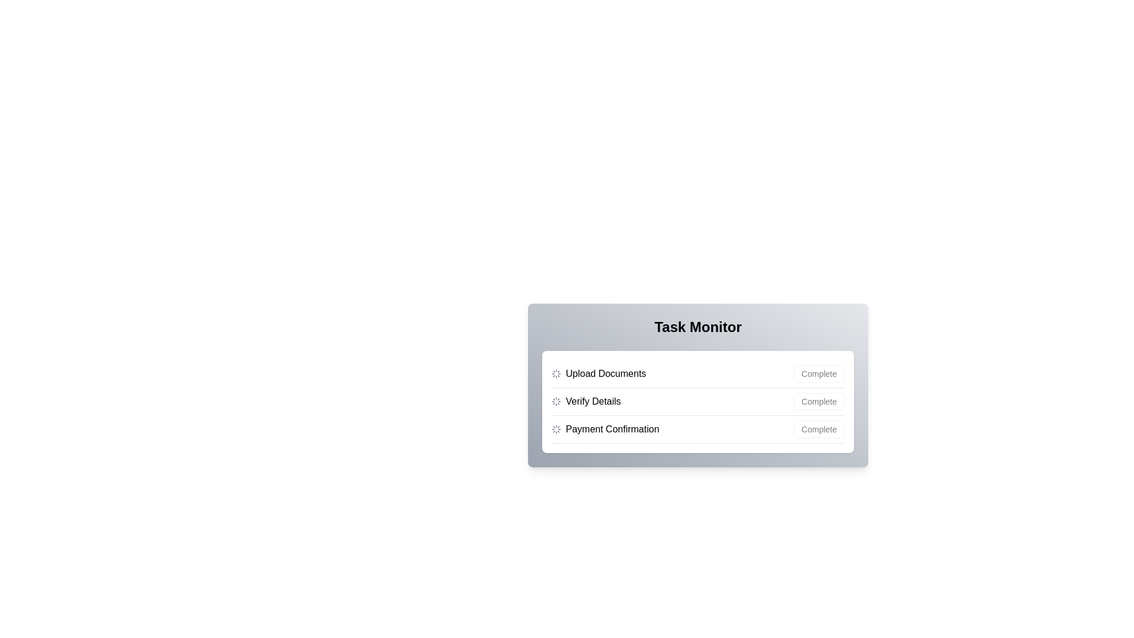 This screenshot has height=638, width=1134. What do you see at coordinates (555, 373) in the screenshot?
I see `the animated loader icon, which is a circular grey icon indicating loading, located to the left of the 'Upload Documents' text in the 'Task Monitor' card` at bounding box center [555, 373].